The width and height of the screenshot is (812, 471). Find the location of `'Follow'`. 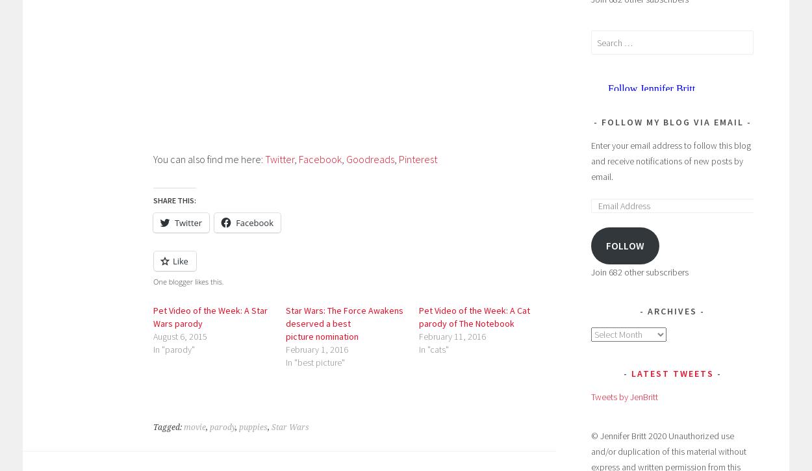

'Follow' is located at coordinates (624, 244).